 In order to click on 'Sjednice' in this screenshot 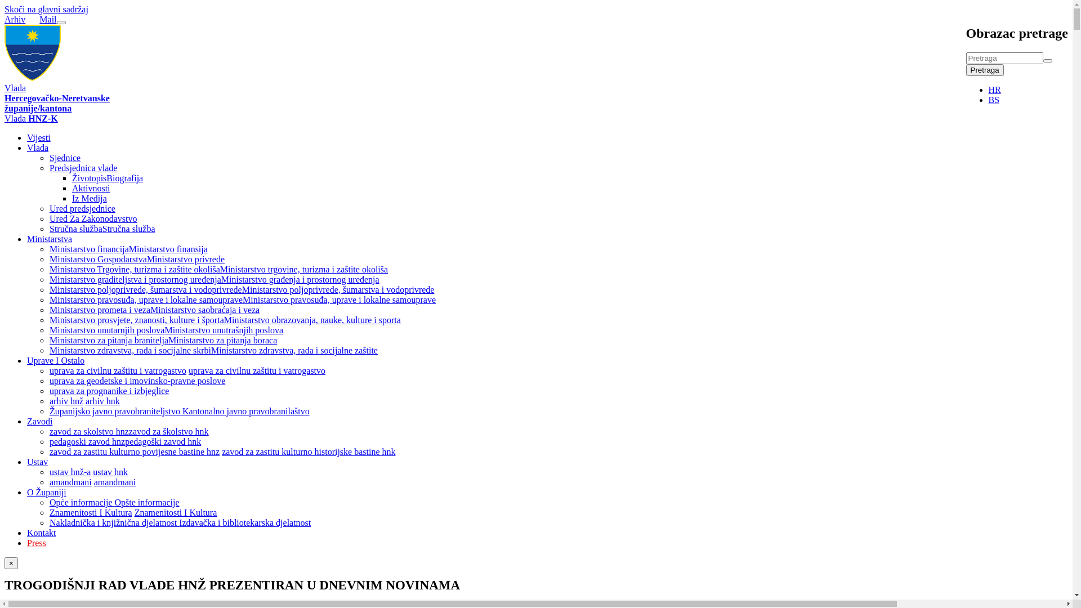, I will do `click(64, 158)`.